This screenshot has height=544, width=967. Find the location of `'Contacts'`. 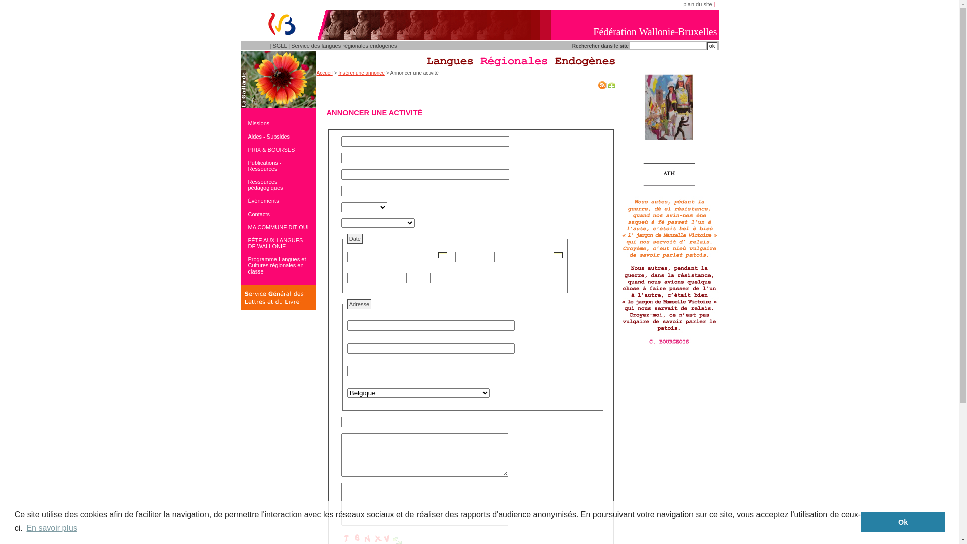

'Contacts' is located at coordinates (240, 213).